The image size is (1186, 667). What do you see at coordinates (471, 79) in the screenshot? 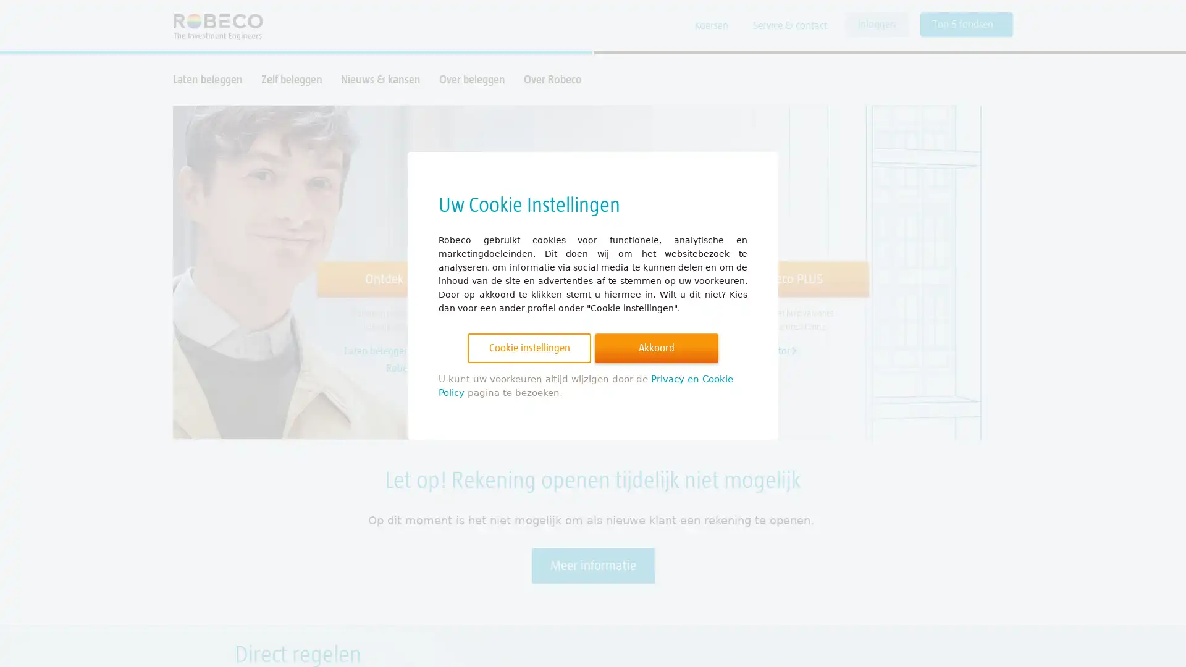
I see `Over beleggen` at bounding box center [471, 79].